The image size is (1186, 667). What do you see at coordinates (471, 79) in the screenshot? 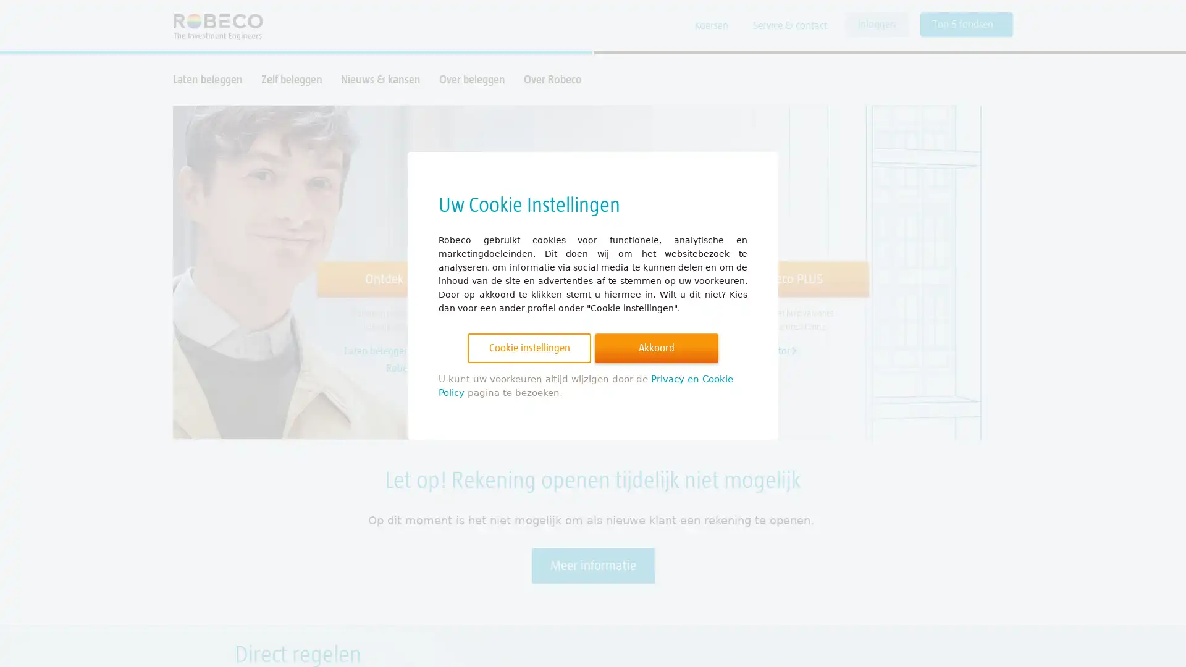
I see `Over beleggen` at bounding box center [471, 79].